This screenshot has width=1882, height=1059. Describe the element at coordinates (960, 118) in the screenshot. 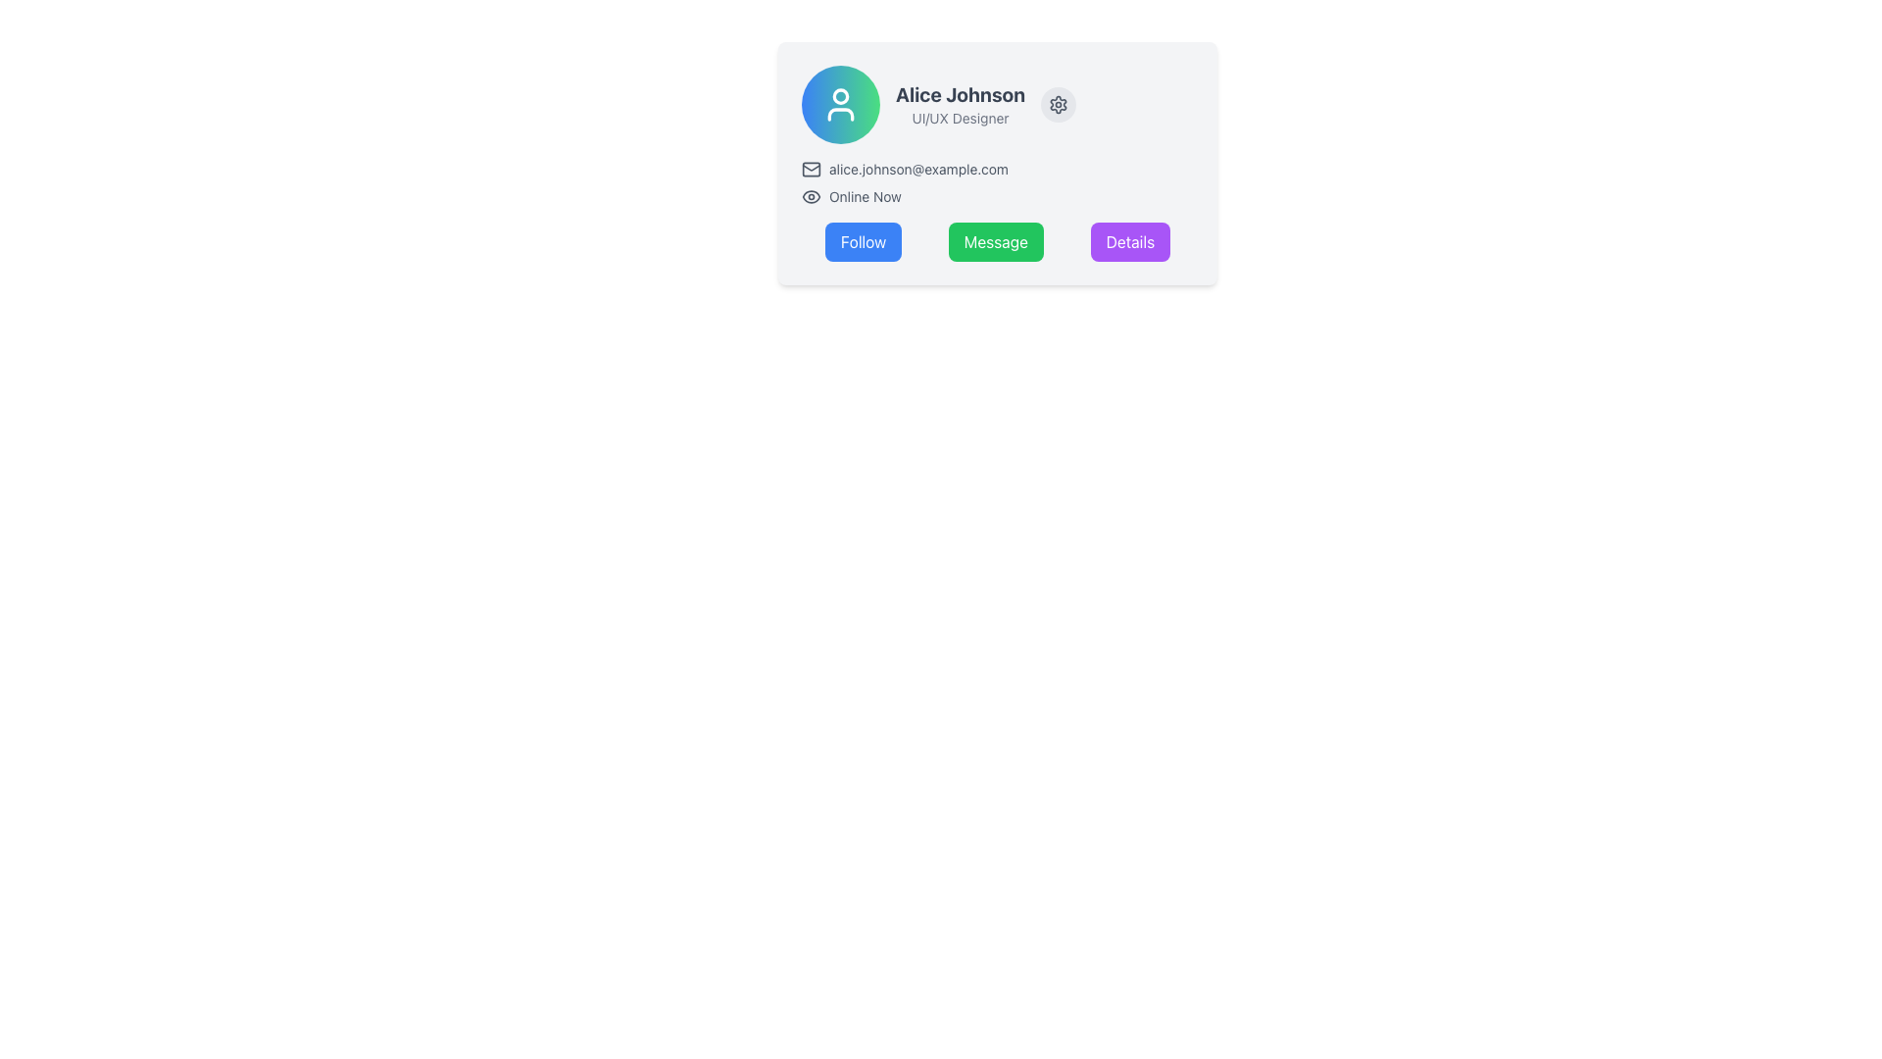

I see `the static text label indicating 'UI/UX Designer', which is located below the title 'Alice Johnson' in the profile card layout` at that location.